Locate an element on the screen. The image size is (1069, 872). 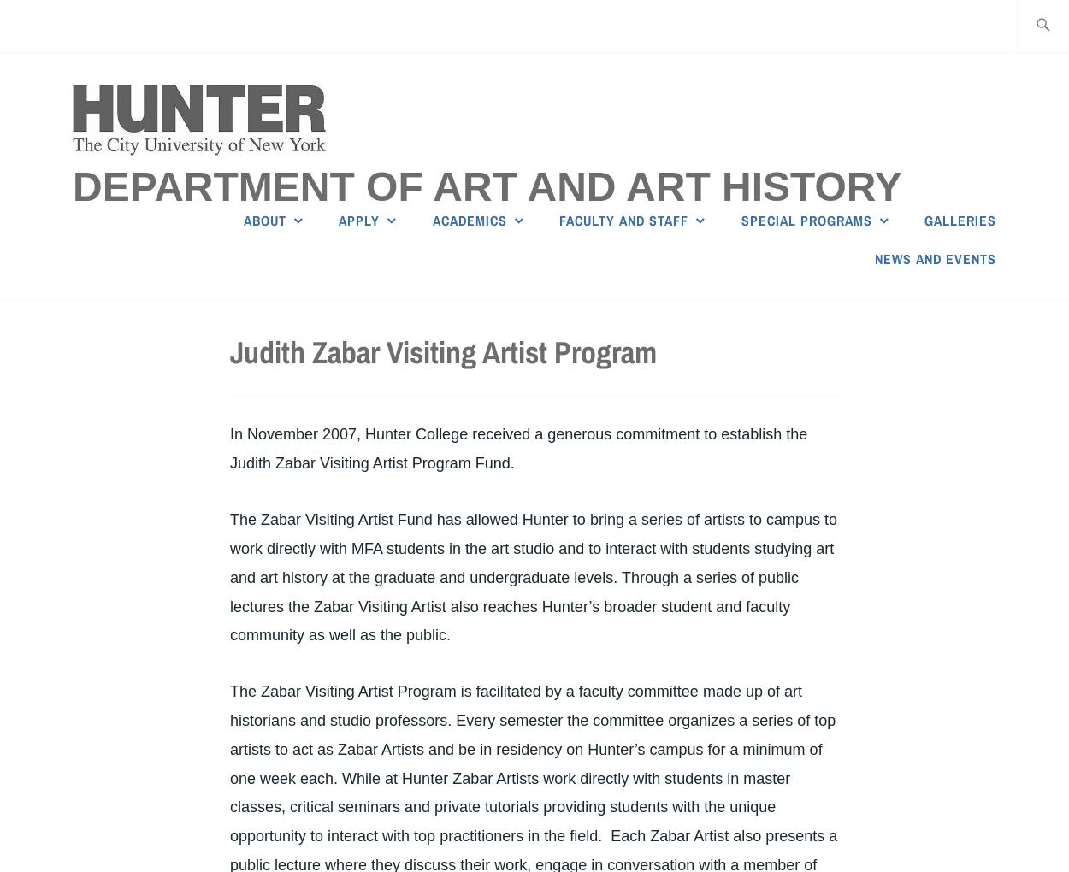
'Judith Zabar Visiting Artist Program' is located at coordinates (443, 351).